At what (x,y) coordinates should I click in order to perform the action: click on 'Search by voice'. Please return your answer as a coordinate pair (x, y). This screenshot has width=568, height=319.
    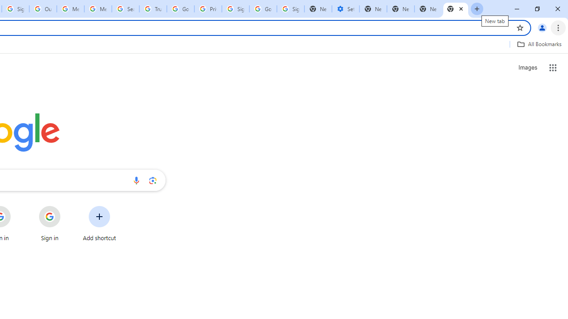
    Looking at the image, I should click on (136, 180).